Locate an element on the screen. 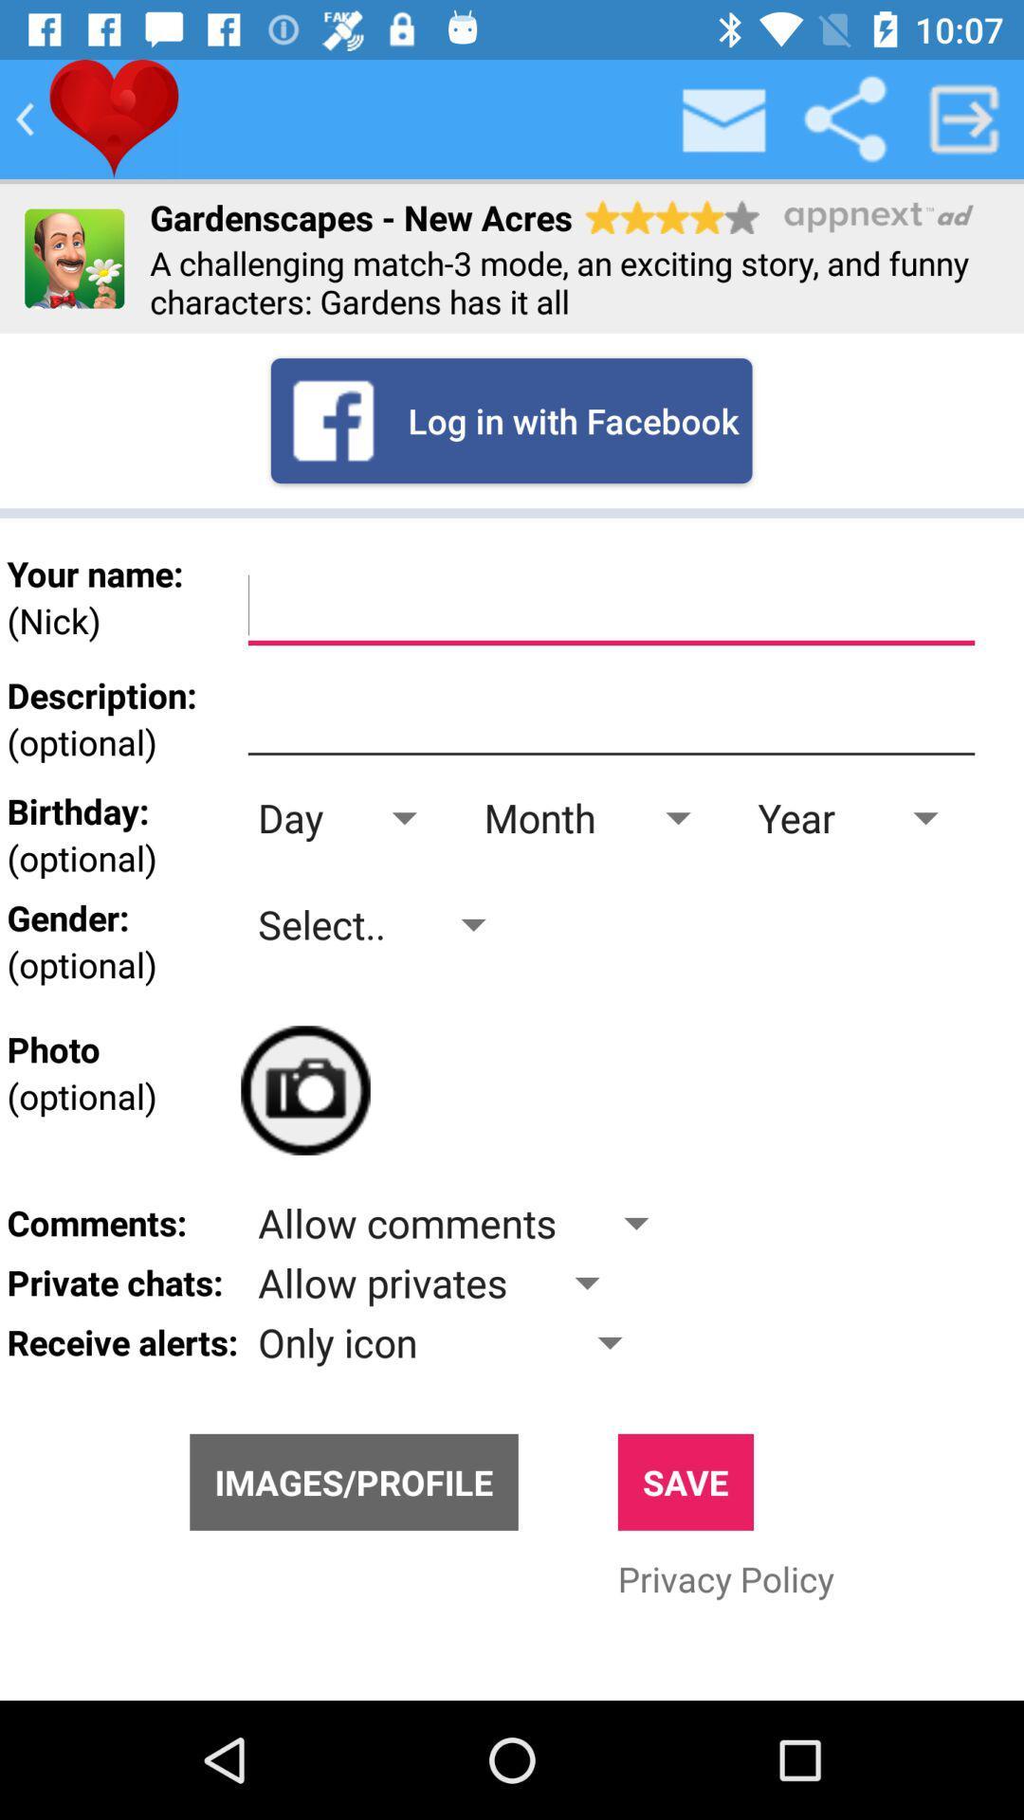  message senting button is located at coordinates (724, 118).